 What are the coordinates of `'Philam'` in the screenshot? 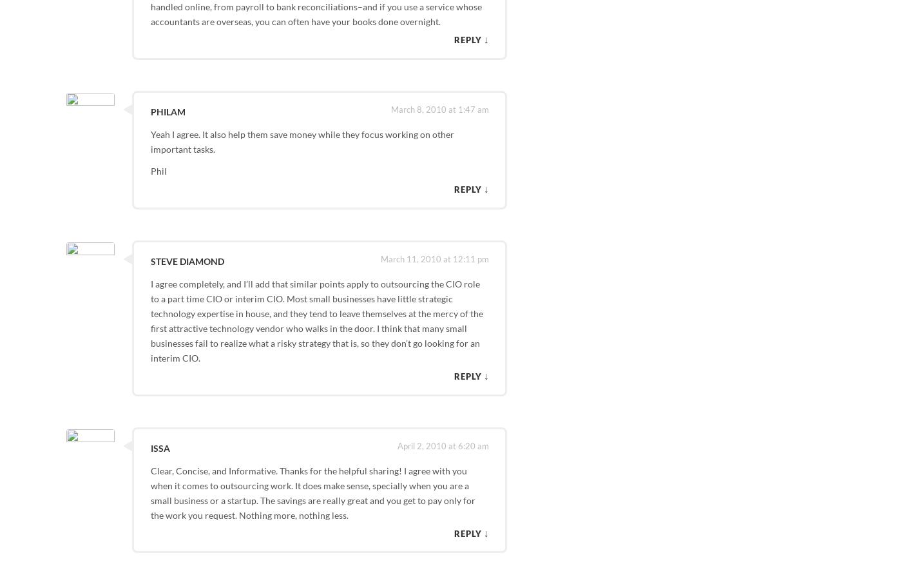 It's located at (167, 110).